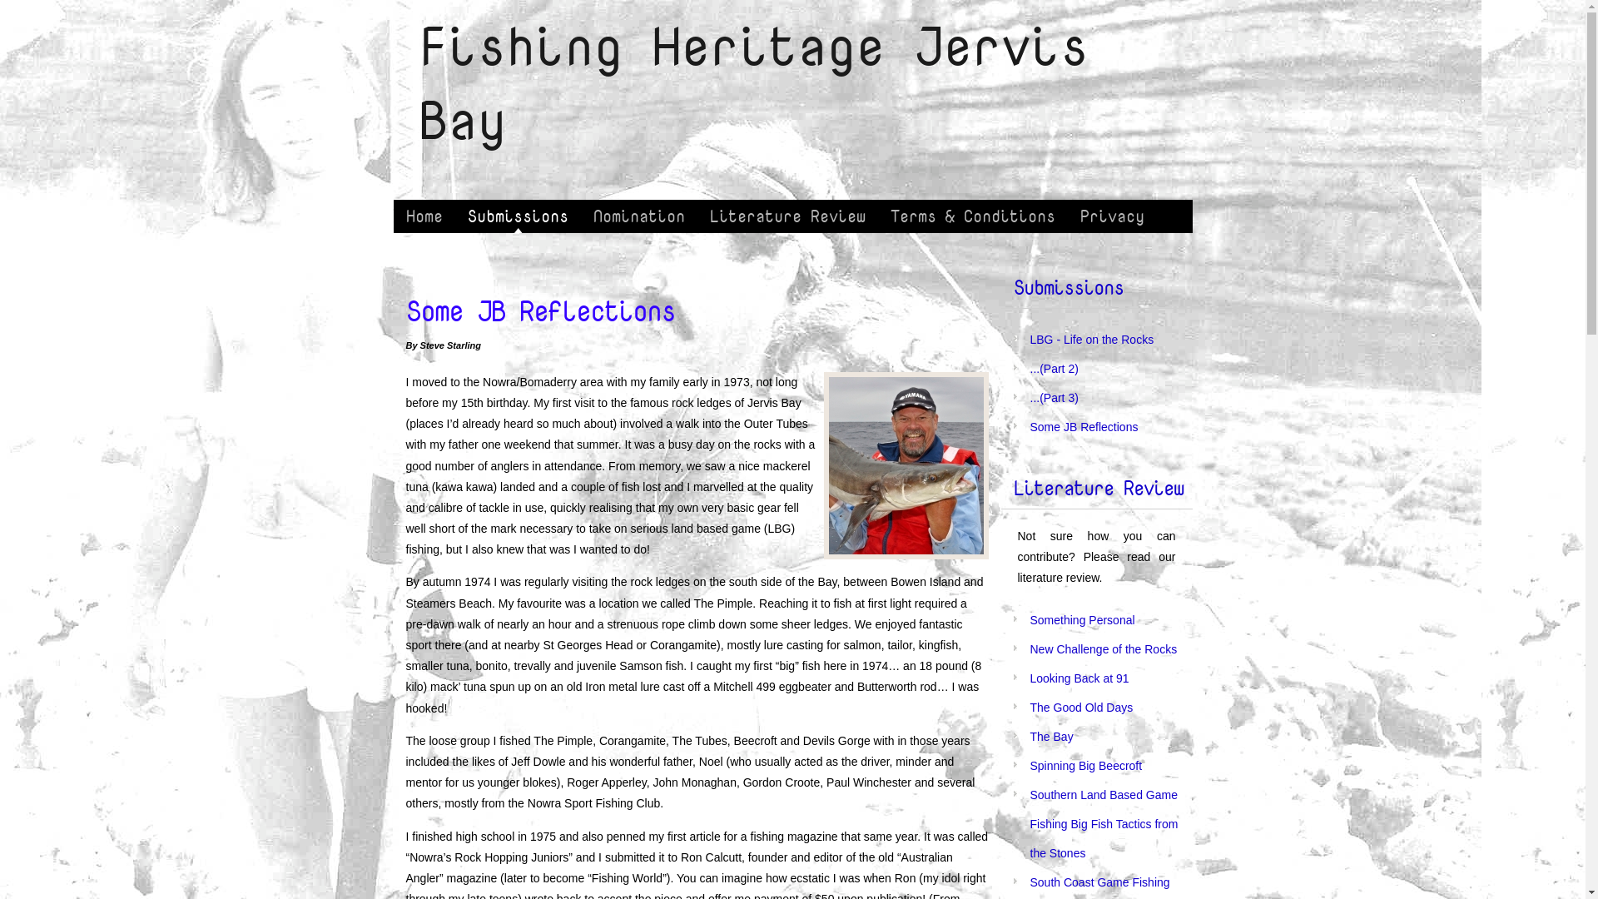 The width and height of the screenshot is (1598, 899). Describe the element at coordinates (1054, 398) in the screenshot. I see `'...(Part 3)'` at that location.